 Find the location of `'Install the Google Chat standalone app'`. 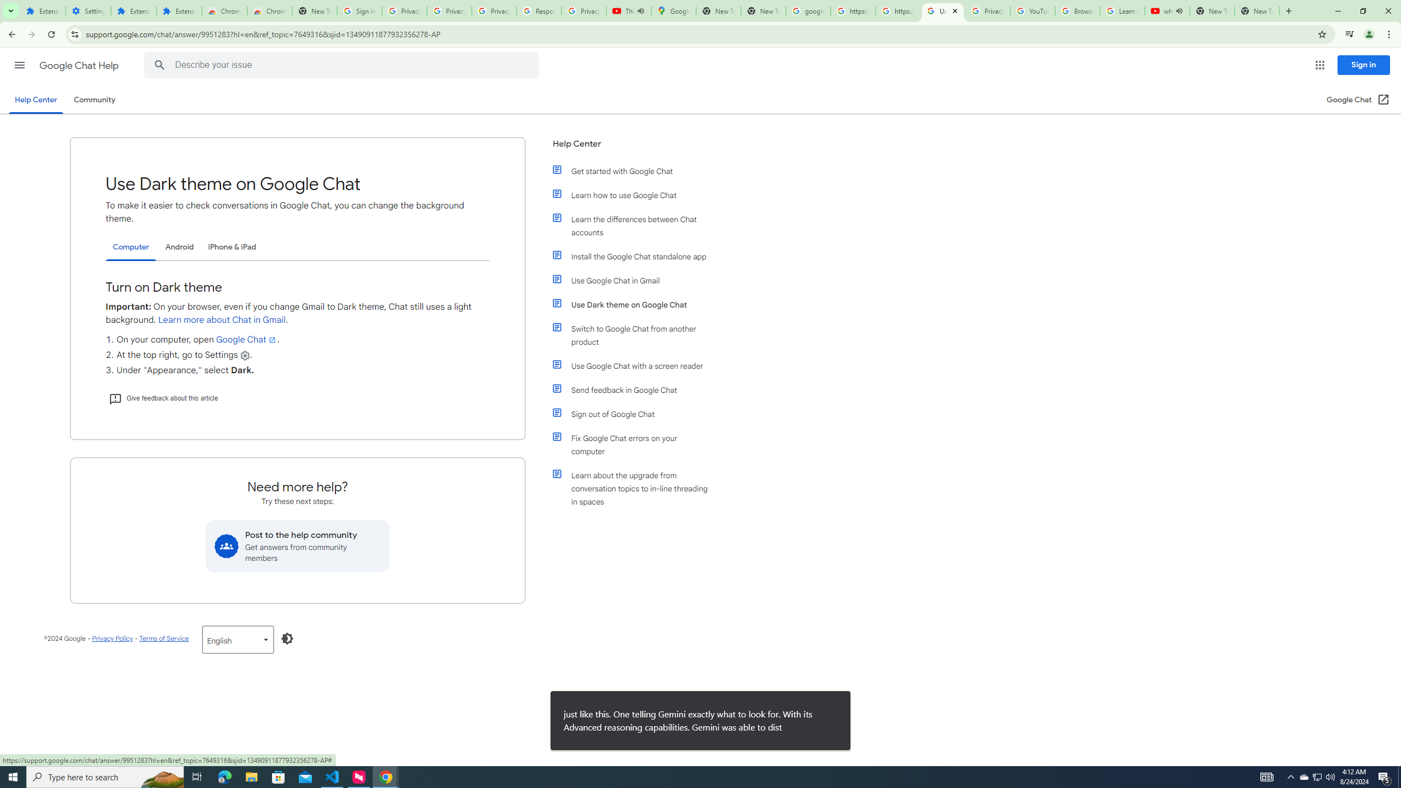

'Install the Google Chat standalone app' is located at coordinates (636, 256).